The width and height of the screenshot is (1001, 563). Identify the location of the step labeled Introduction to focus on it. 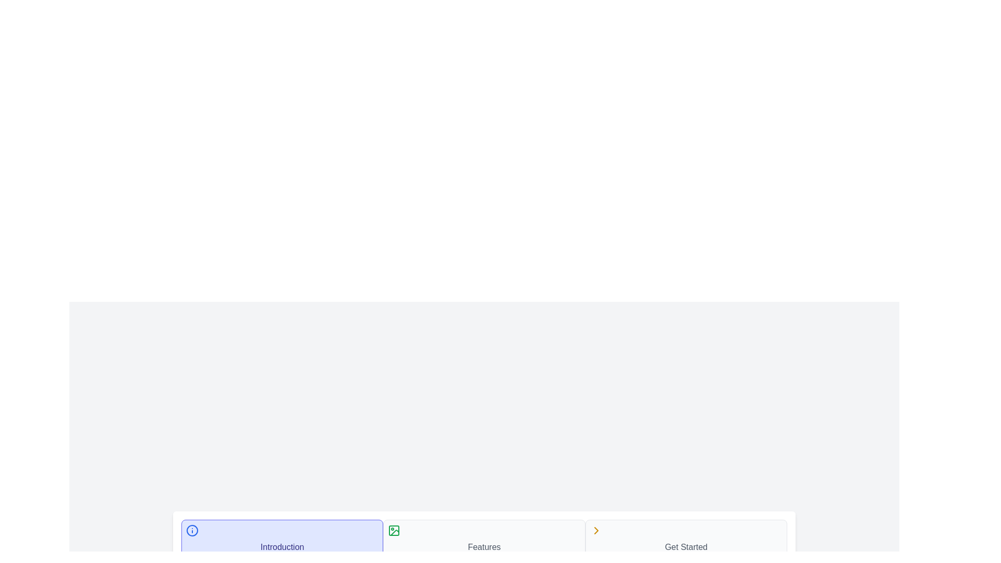
(282, 538).